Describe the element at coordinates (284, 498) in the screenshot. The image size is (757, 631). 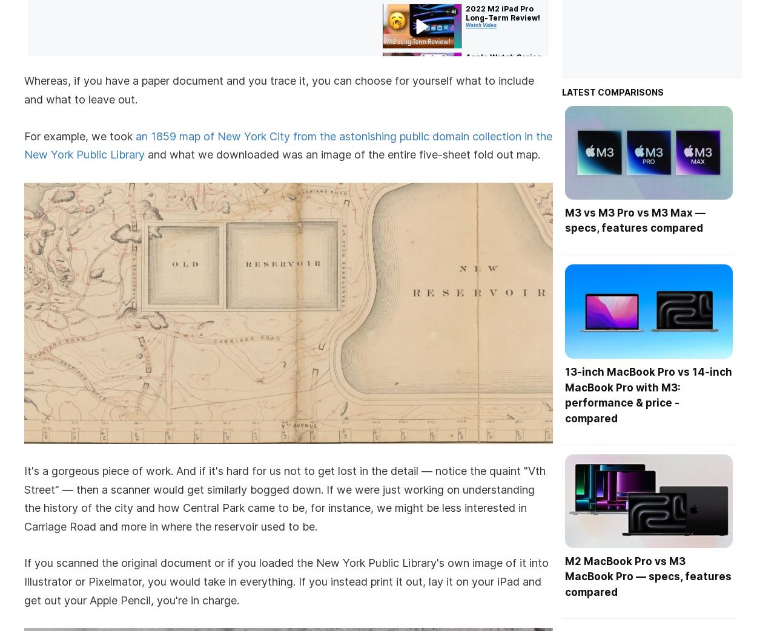
I see `'It's a gorgeous piece of work. And if it's hard for us not to get lost in the detail —  notice the quaint "Vth Street" —  then a scanner would get similarly bogged down. If we were just working on understanding the history of the city and how Central Park came to be, for instance, we might be less interested in Carriage Road and more in where the reservoir used to be.'` at that location.